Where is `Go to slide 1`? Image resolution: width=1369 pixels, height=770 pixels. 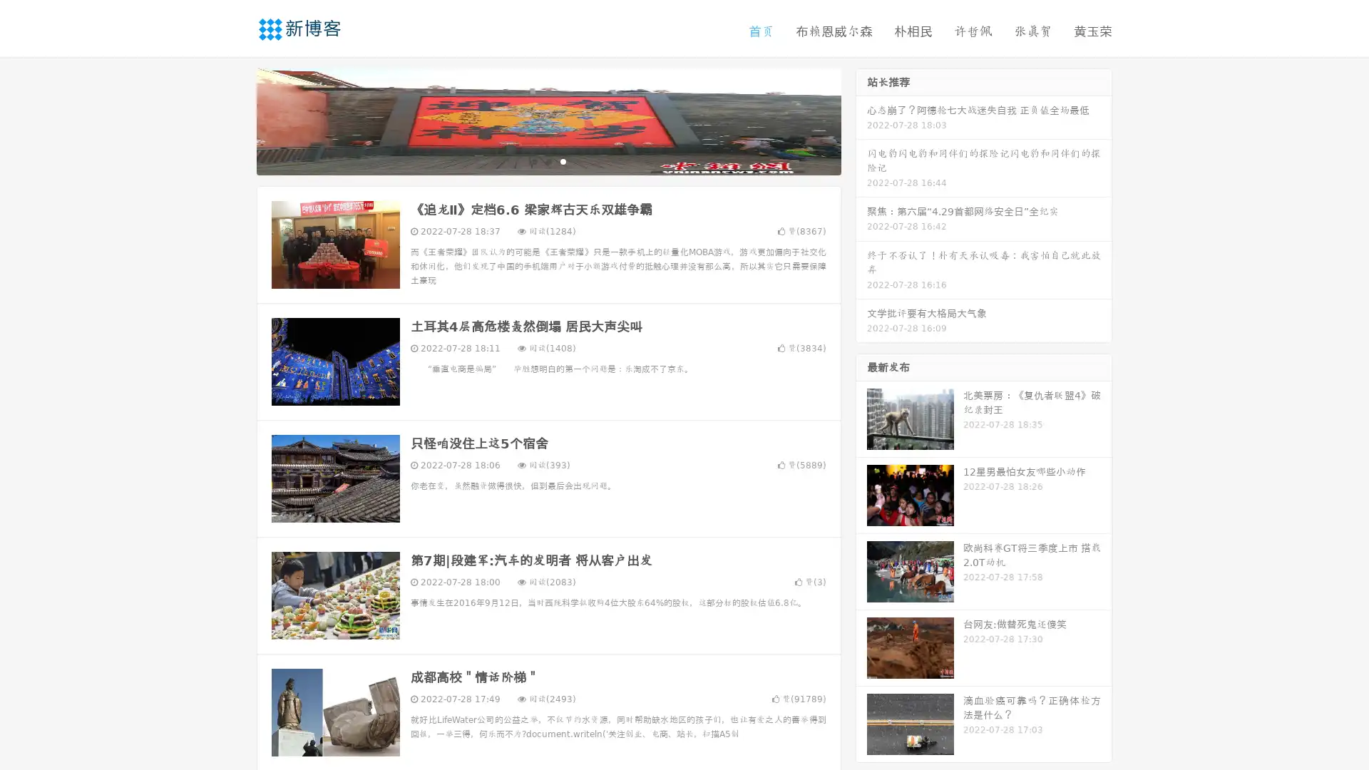
Go to slide 1 is located at coordinates (533, 160).